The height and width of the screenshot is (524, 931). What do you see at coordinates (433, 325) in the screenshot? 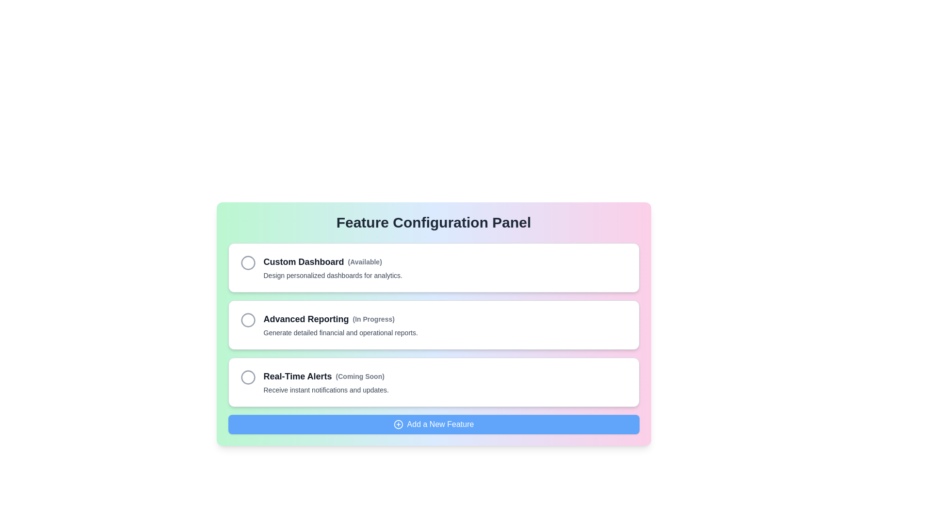
I see `the radio button of the second interactive list item for configuring advanced reporting features, which is currently marked as 'In Progress.'` at bounding box center [433, 325].